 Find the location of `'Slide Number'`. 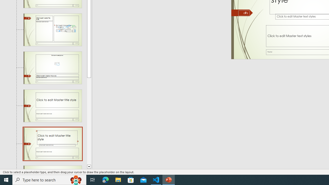

'Slide Number' is located at coordinates (244, 13).